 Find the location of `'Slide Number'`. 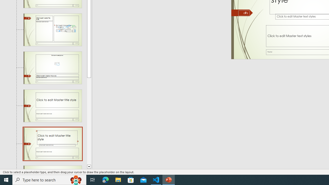

'Slide Number' is located at coordinates (244, 13).